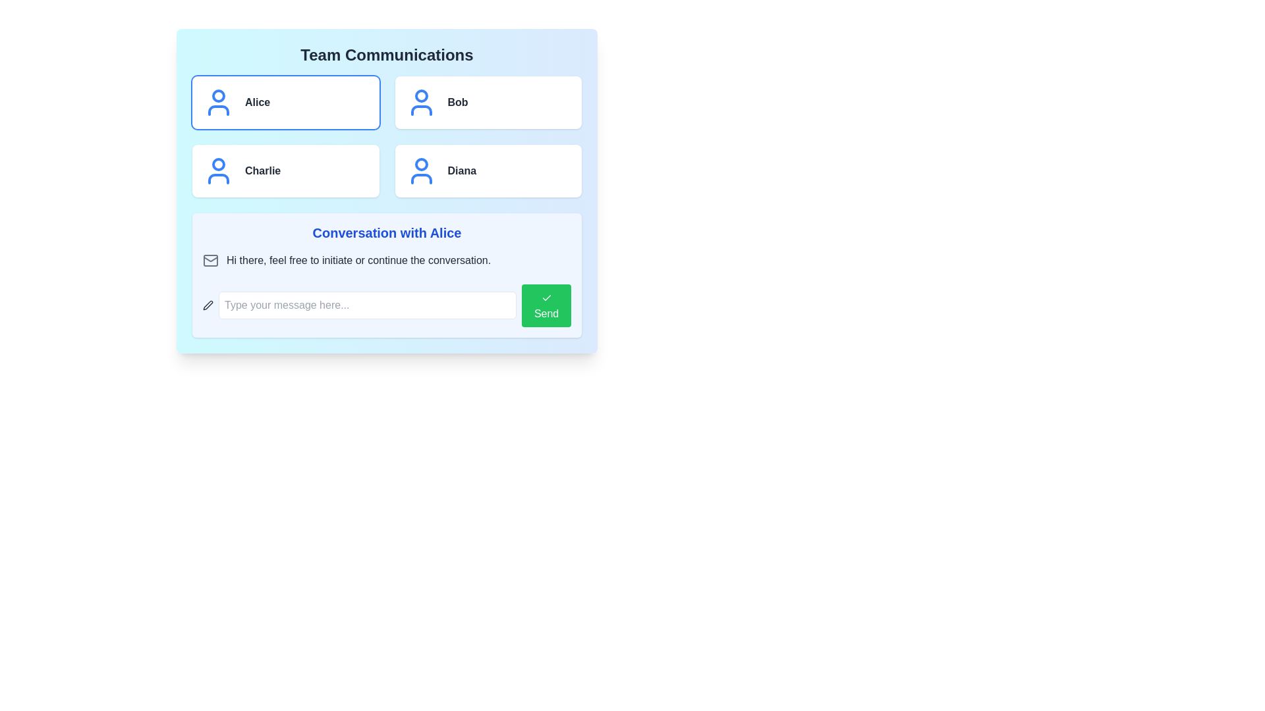 The height and width of the screenshot is (711, 1265). Describe the element at coordinates (488, 170) in the screenshot. I see `the profile card button for 'Diana', located in the bottom-right quadrant of the grid under 'Team Communications'` at that location.